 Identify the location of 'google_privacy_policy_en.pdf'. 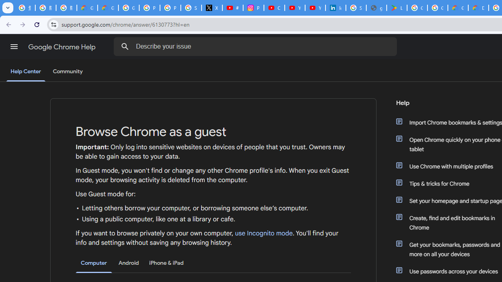
(376, 8).